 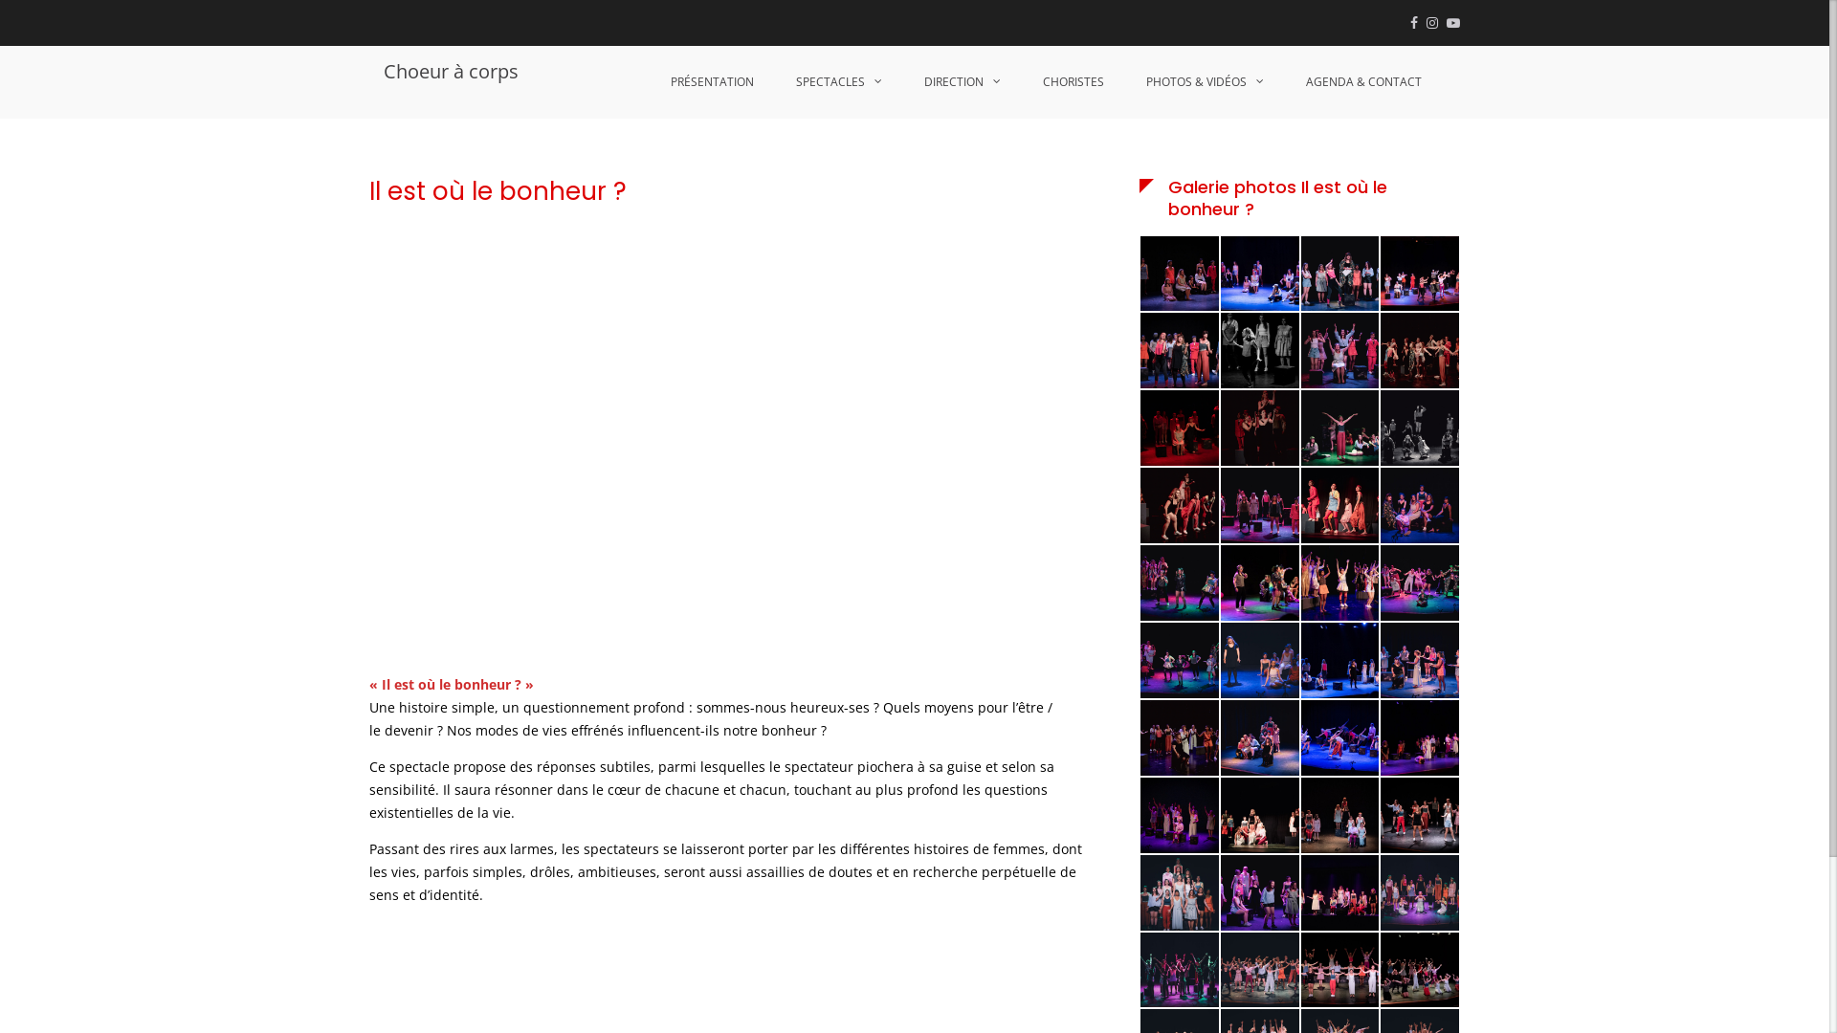 What do you see at coordinates (1362, 80) in the screenshot?
I see `'AGENDA & CONTACT'` at bounding box center [1362, 80].